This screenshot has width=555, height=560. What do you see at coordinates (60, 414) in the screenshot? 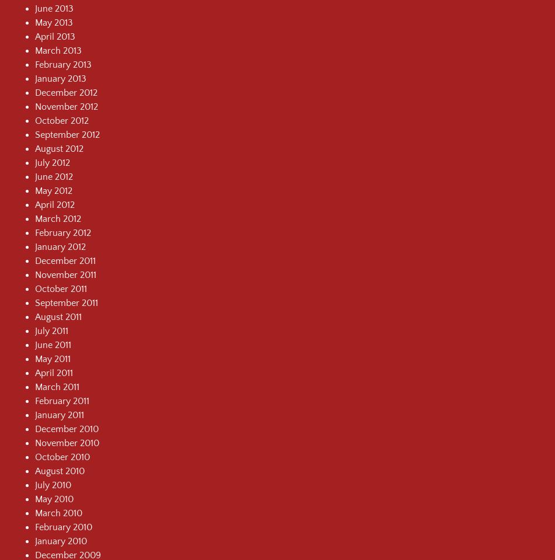
I see `'January 2011'` at bounding box center [60, 414].